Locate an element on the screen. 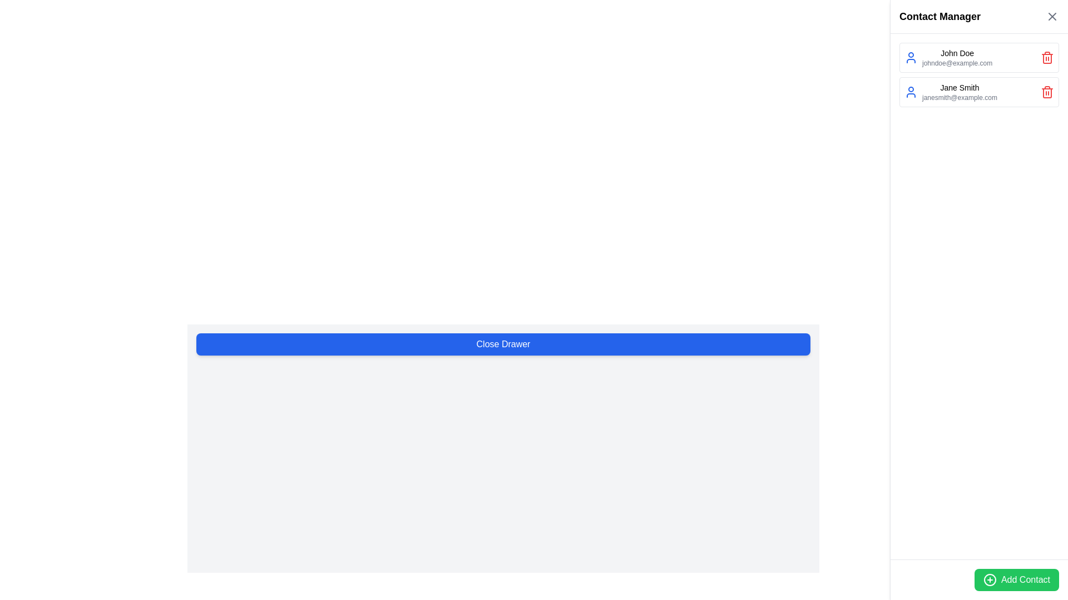 The width and height of the screenshot is (1068, 600). the 'Contact Manager' text heading, which is a bold and large font header located at the top section of a right-aligned panel is located at coordinates (939, 17).